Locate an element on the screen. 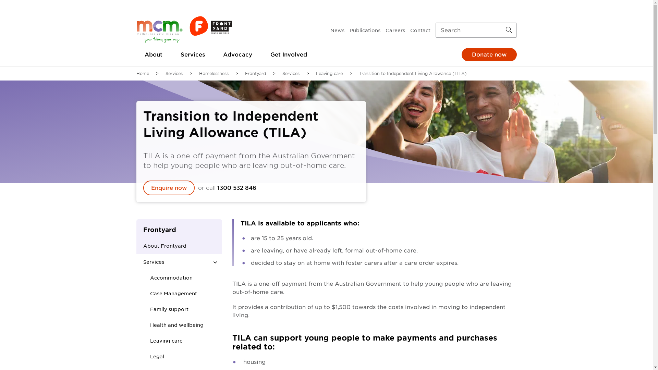 This screenshot has width=658, height=370. 'Enquire now' is located at coordinates (169, 188).